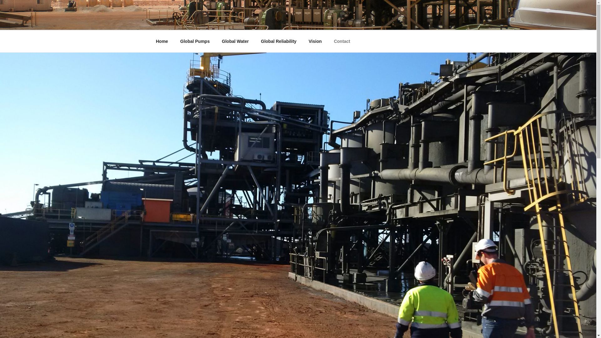 The image size is (601, 338). What do you see at coordinates (278, 41) in the screenshot?
I see `'Global Reliability'` at bounding box center [278, 41].